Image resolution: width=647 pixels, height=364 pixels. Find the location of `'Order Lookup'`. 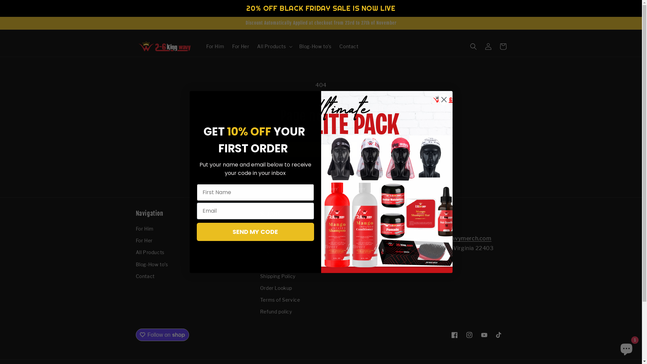

'Order Lookup' is located at coordinates (276, 288).